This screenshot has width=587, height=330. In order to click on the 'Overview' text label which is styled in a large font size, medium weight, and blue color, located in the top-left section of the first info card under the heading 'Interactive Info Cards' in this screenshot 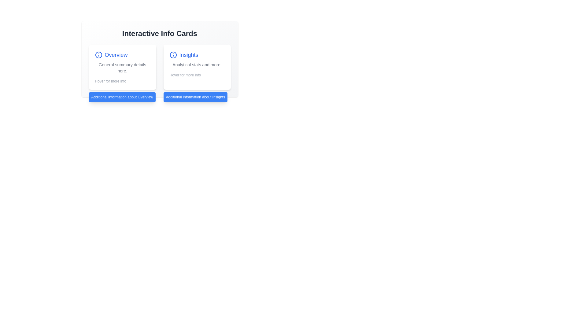, I will do `click(122, 55)`.